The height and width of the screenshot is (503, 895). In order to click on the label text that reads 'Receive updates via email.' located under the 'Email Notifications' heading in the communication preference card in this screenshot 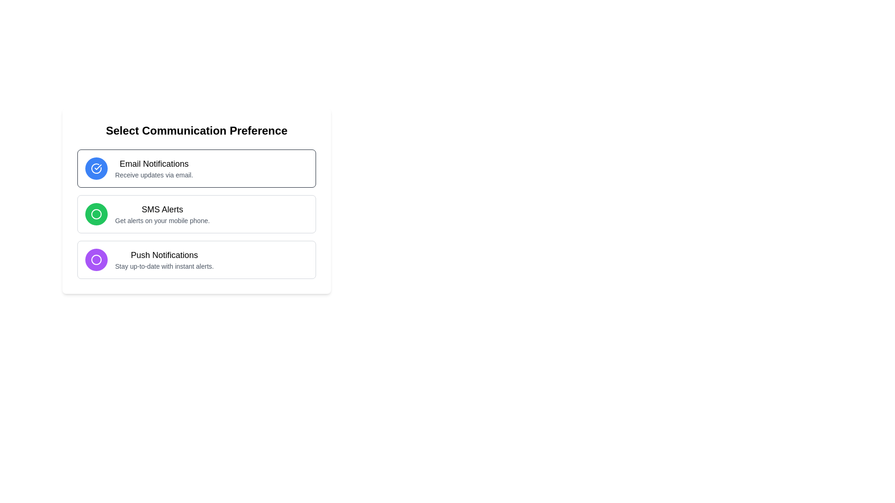, I will do `click(154, 175)`.